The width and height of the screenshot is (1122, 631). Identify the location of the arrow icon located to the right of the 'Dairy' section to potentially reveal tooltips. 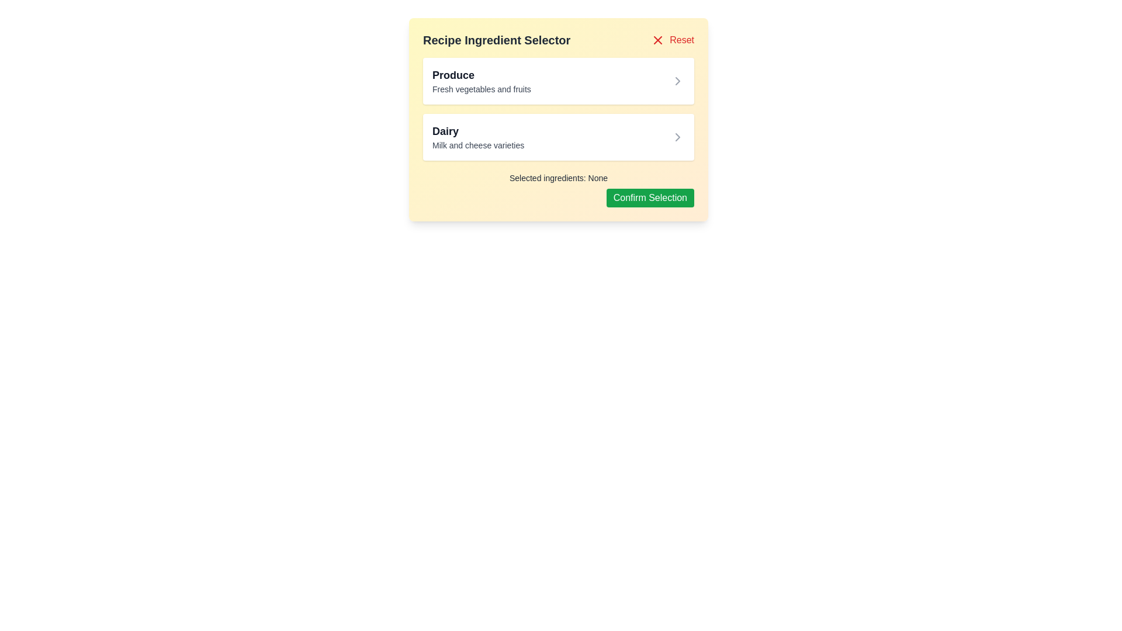
(678, 137).